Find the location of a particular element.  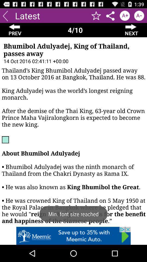

font size adjustable option is located at coordinates (139, 15).